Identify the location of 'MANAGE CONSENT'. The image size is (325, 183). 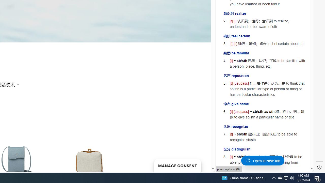
(177, 165).